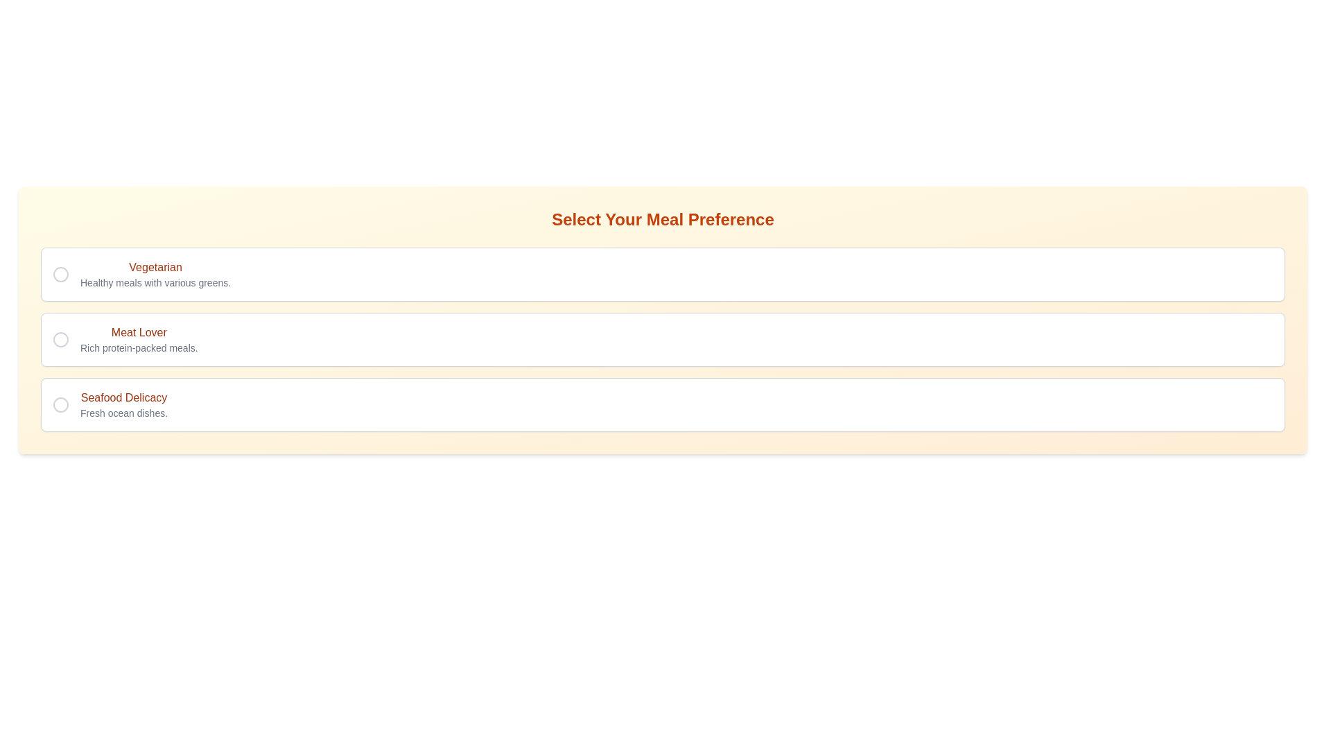 This screenshot has height=749, width=1331. What do you see at coordinates (60, 404) in the screenshot?
I see `the circular selection indicator for the 'Seafood Delicacy' meal preference option` at bounding box center [60, 404].